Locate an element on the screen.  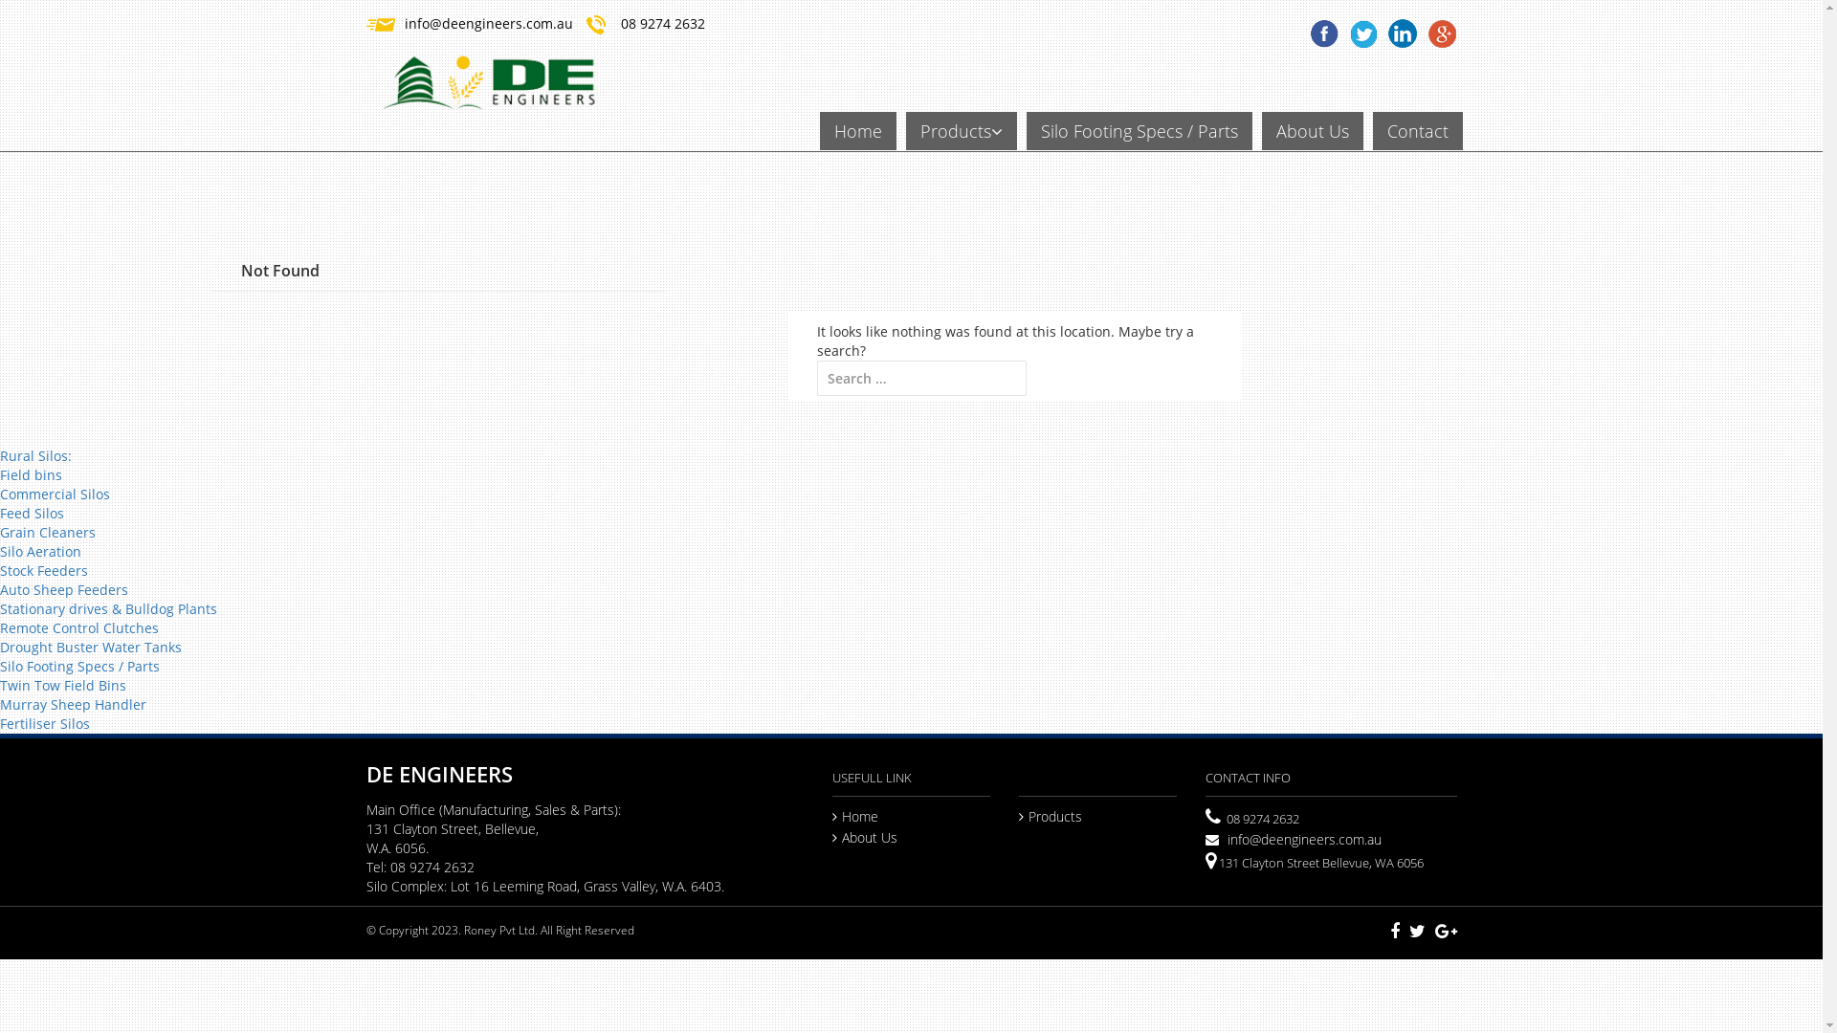
'Auto Sheep Feeders' is located at coordinates (64, 588).